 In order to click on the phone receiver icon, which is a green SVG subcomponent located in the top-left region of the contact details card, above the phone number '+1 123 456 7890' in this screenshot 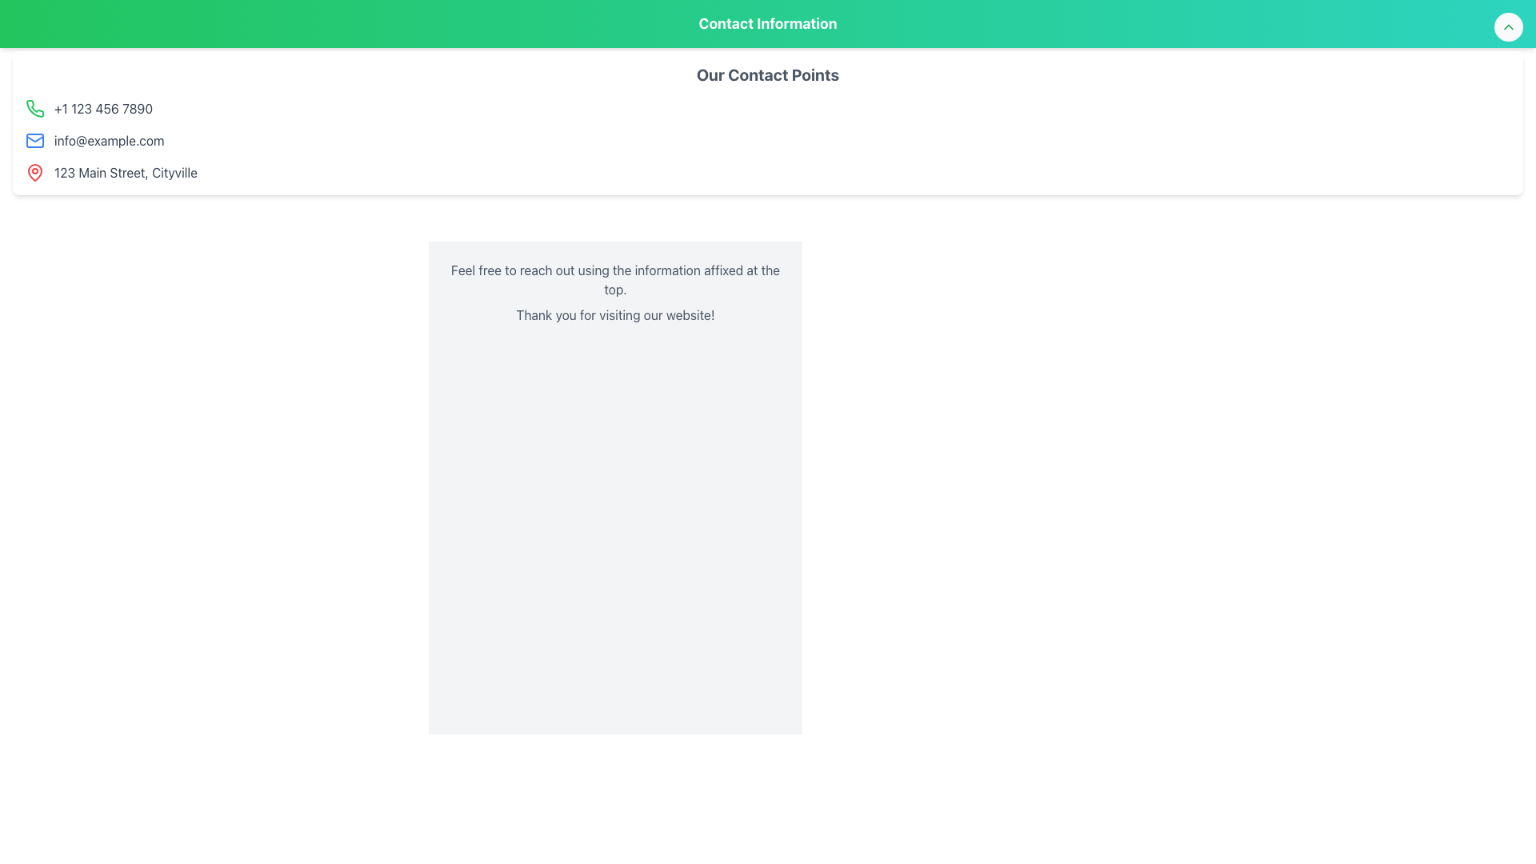, I will do `click(34, 108)`.